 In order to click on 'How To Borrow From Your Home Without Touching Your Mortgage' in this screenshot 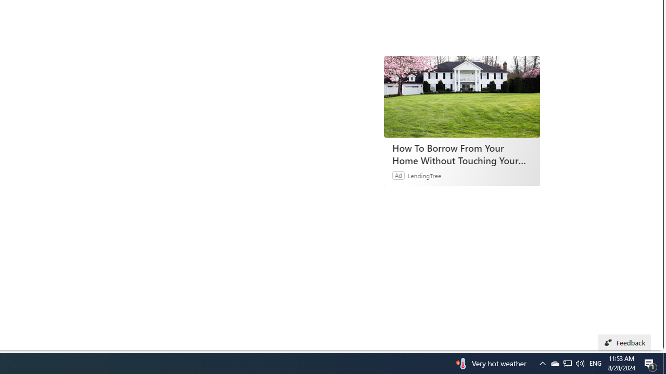, I will do `click(462, 97)`.